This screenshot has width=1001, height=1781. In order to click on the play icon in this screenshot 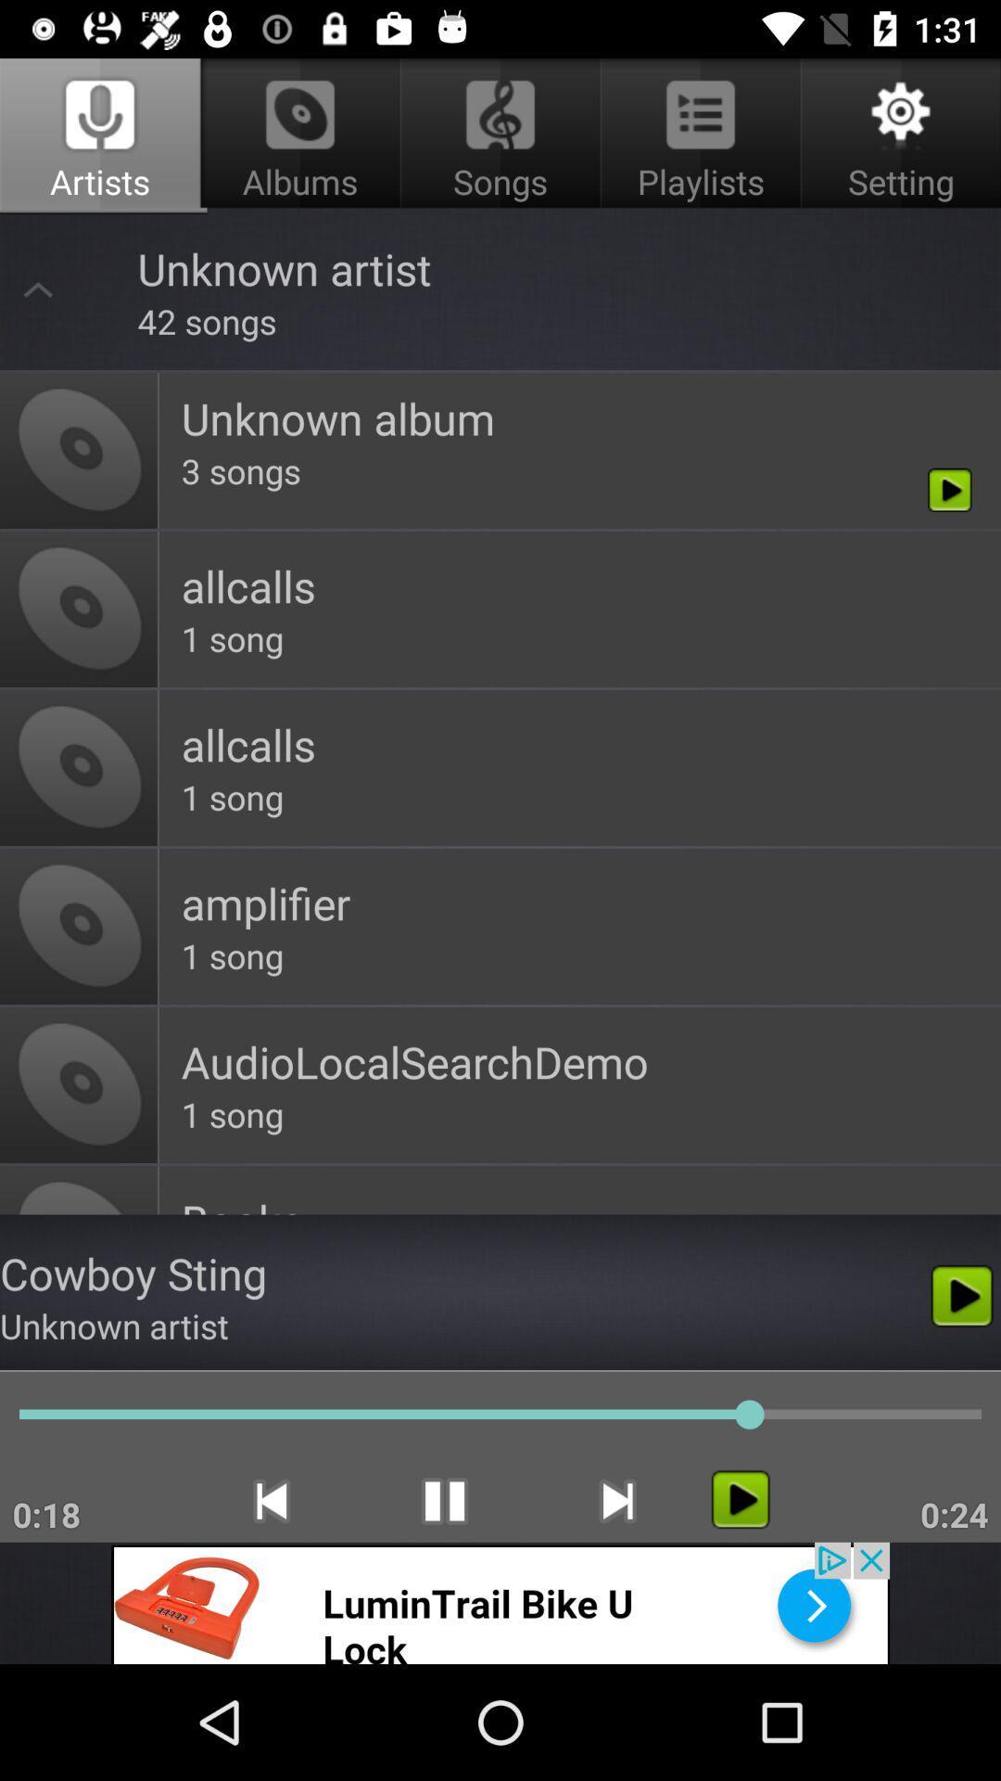, I will do `click(740, 1499)`.